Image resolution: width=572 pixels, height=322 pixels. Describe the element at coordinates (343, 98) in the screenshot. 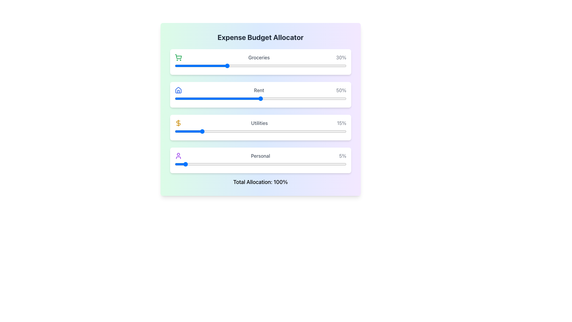

I see `the rent allocation` at that location.